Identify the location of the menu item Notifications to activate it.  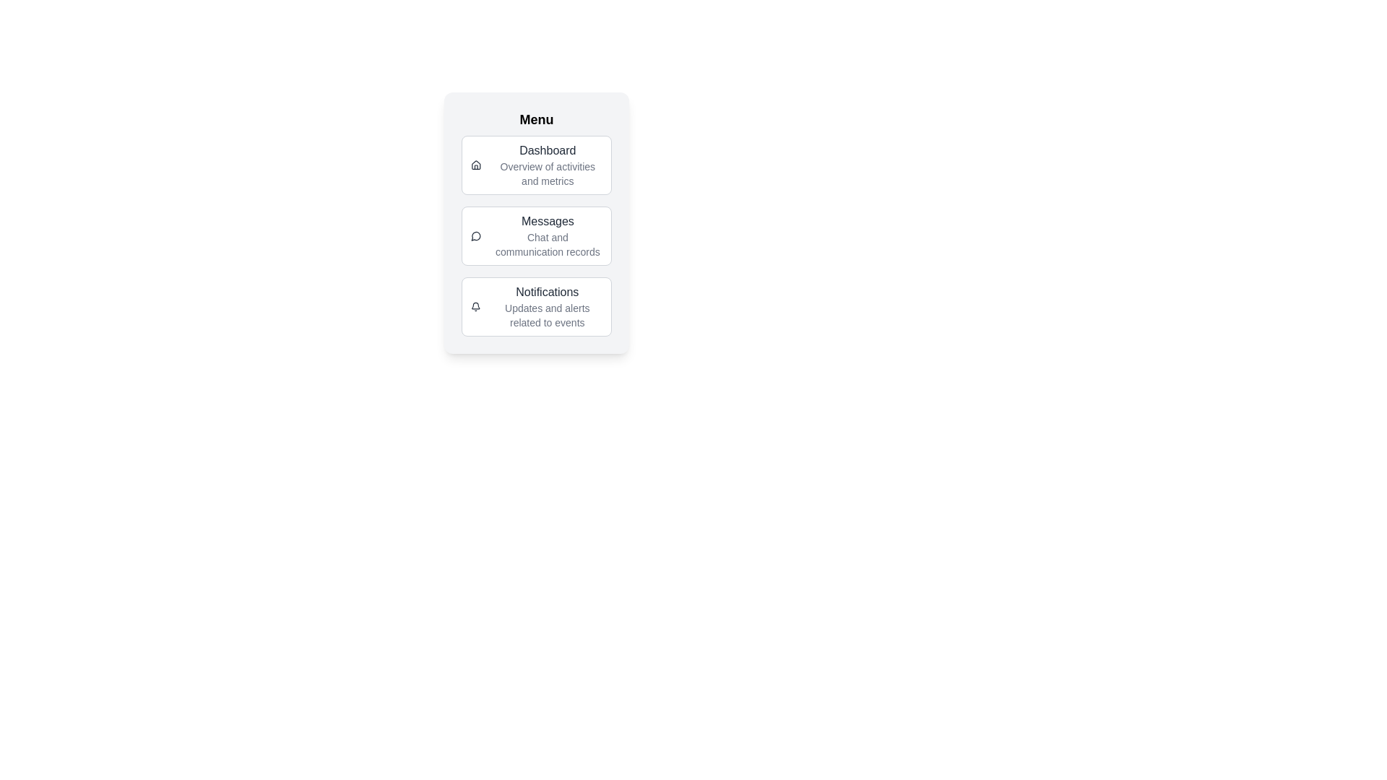
(536, 305).